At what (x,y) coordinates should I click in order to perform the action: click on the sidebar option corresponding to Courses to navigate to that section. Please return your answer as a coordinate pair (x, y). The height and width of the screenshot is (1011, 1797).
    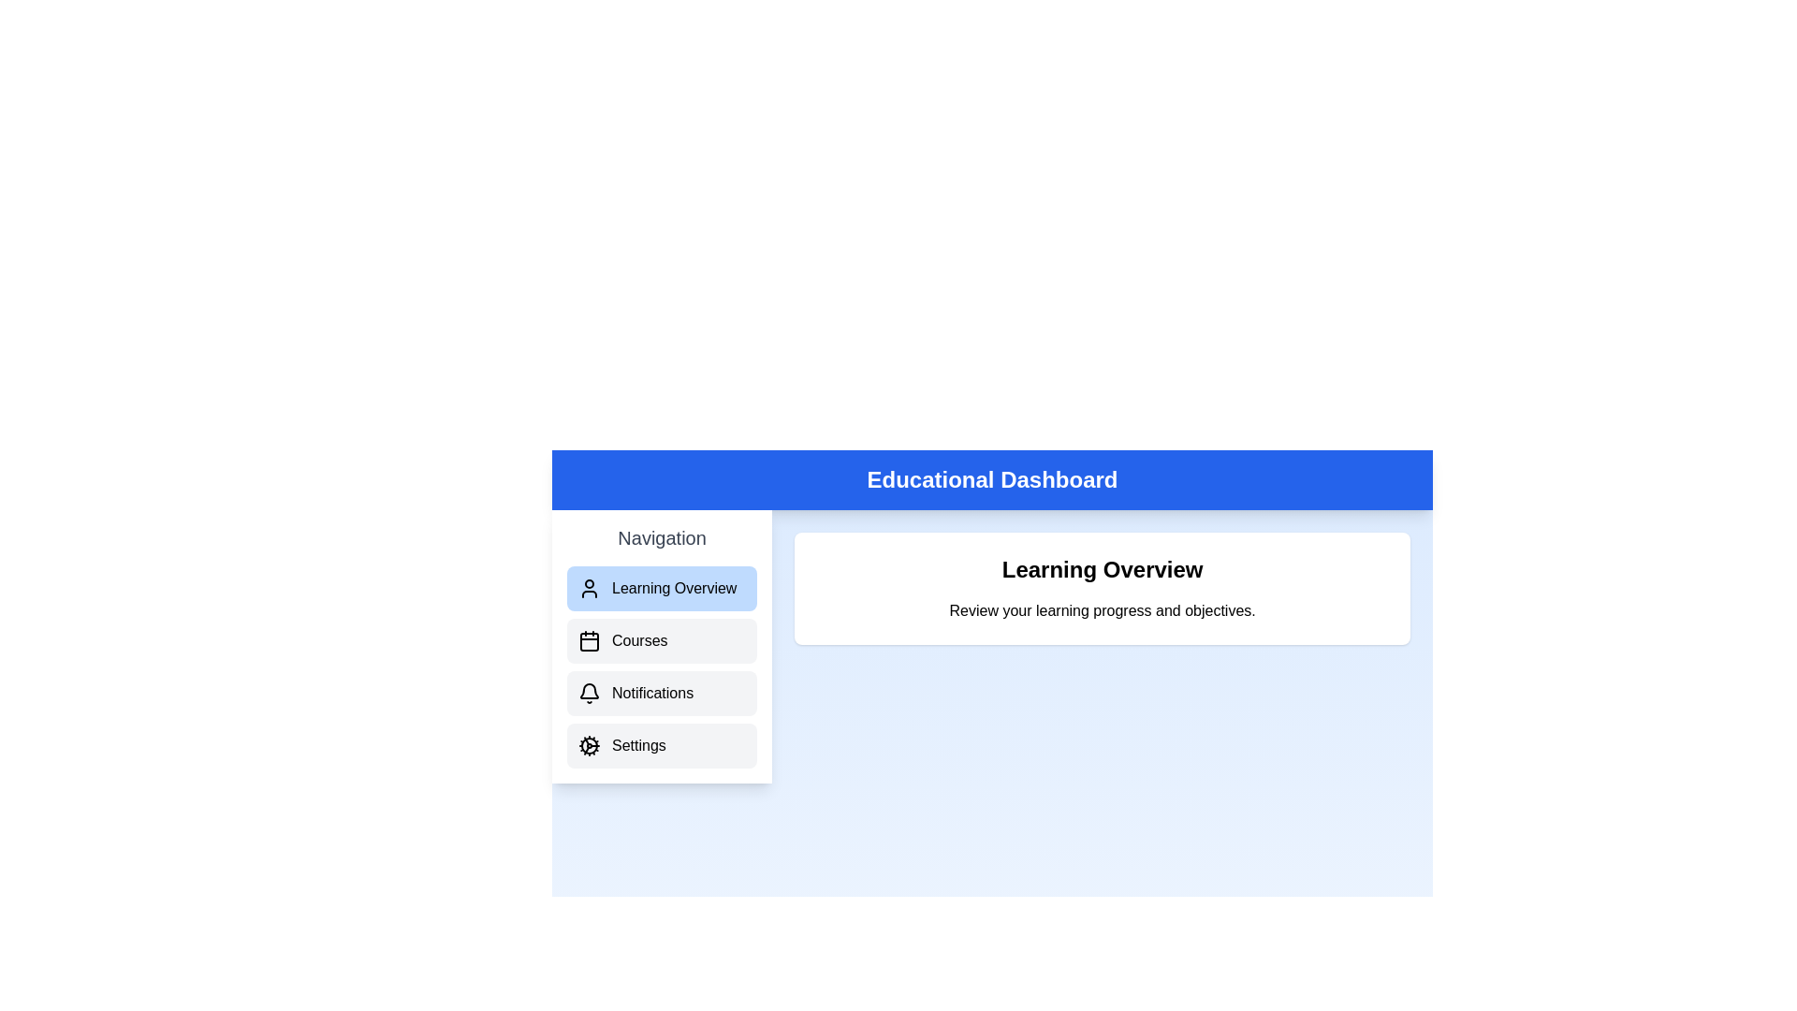
    Looking at the image, I should click on (662, 640).